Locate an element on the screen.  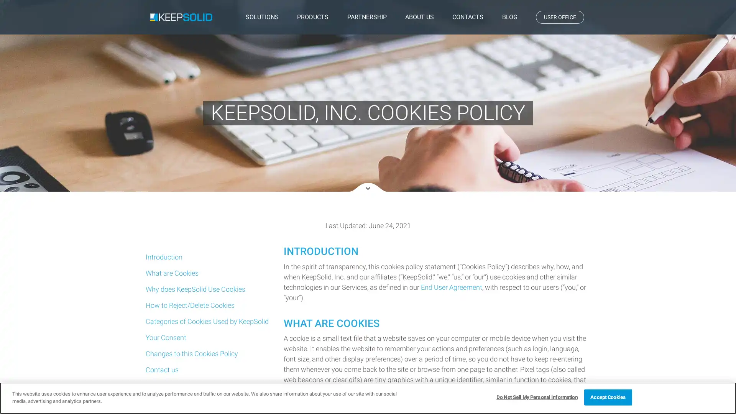
Accept Cookies is located at coordinates (607, 397).